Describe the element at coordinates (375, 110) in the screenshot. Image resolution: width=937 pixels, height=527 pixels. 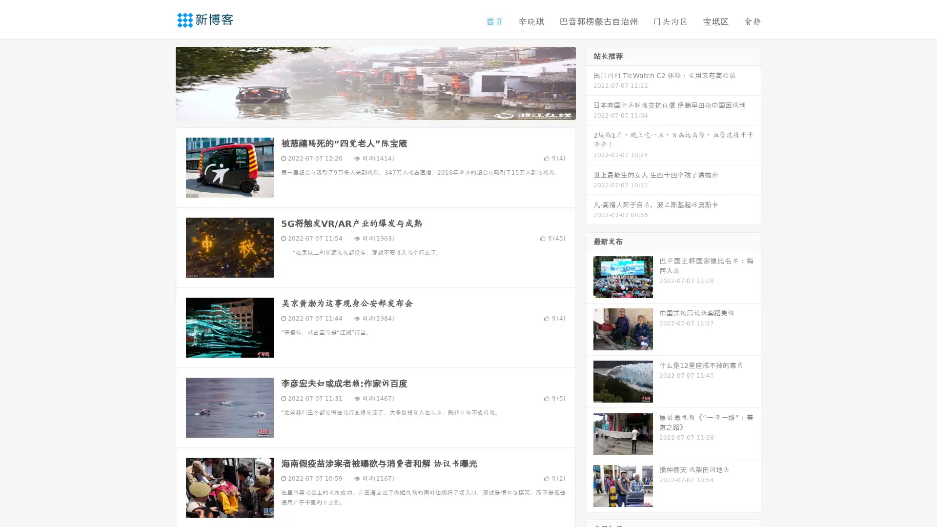
I see `Go to slide 2` at that location.